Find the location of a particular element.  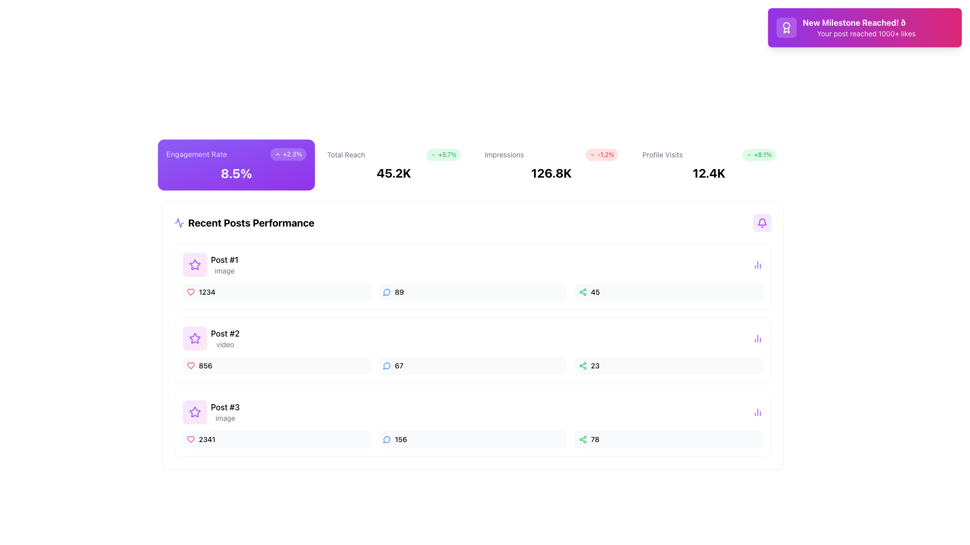

the heart icon outlined in pink located in the third row of the 'Recent Posts Performance' section, positioned to the left of the number '2341' is located at coordinates (190, 439).